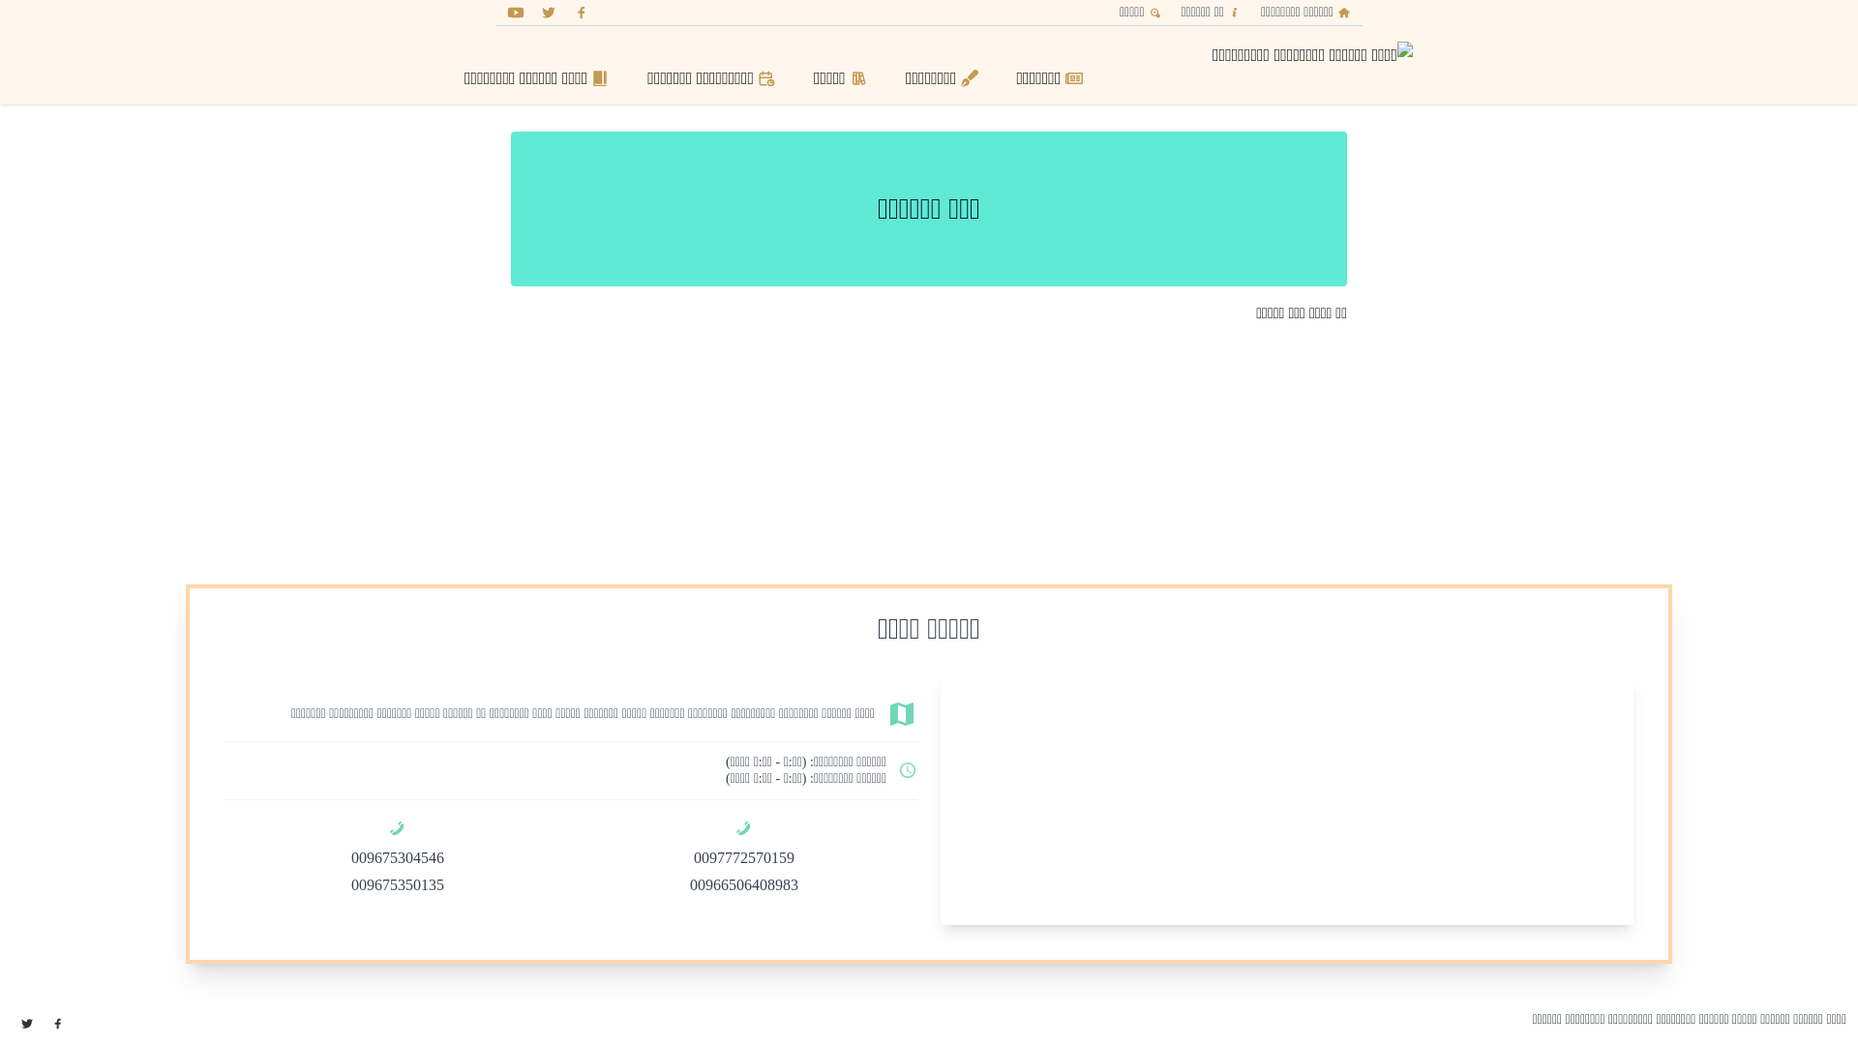  What do you see at coordinates (742, 856) in the screenshot?
I see `'0097772570159'` at bounding box center [742, 856].